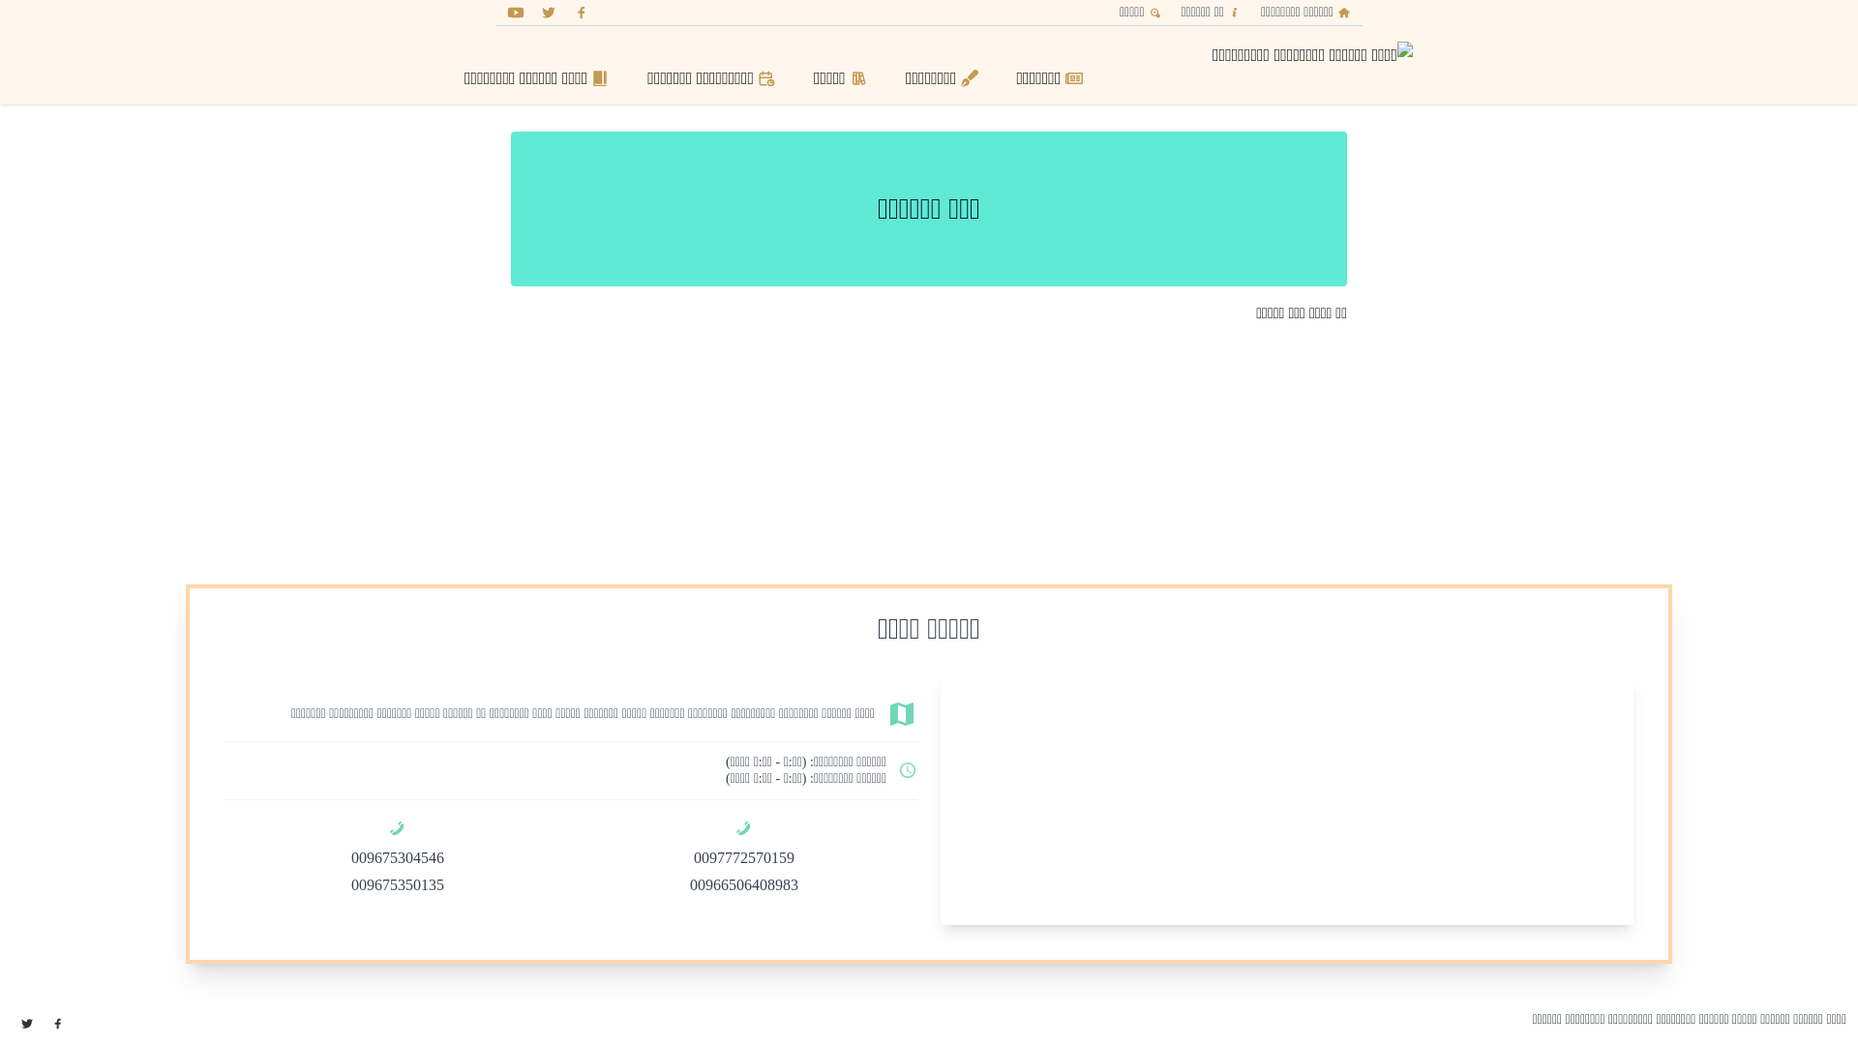  What do you see at coordinates (742, 856) in the screenshot?
I see `'0097772570159'` at bounding box center [742, 856].